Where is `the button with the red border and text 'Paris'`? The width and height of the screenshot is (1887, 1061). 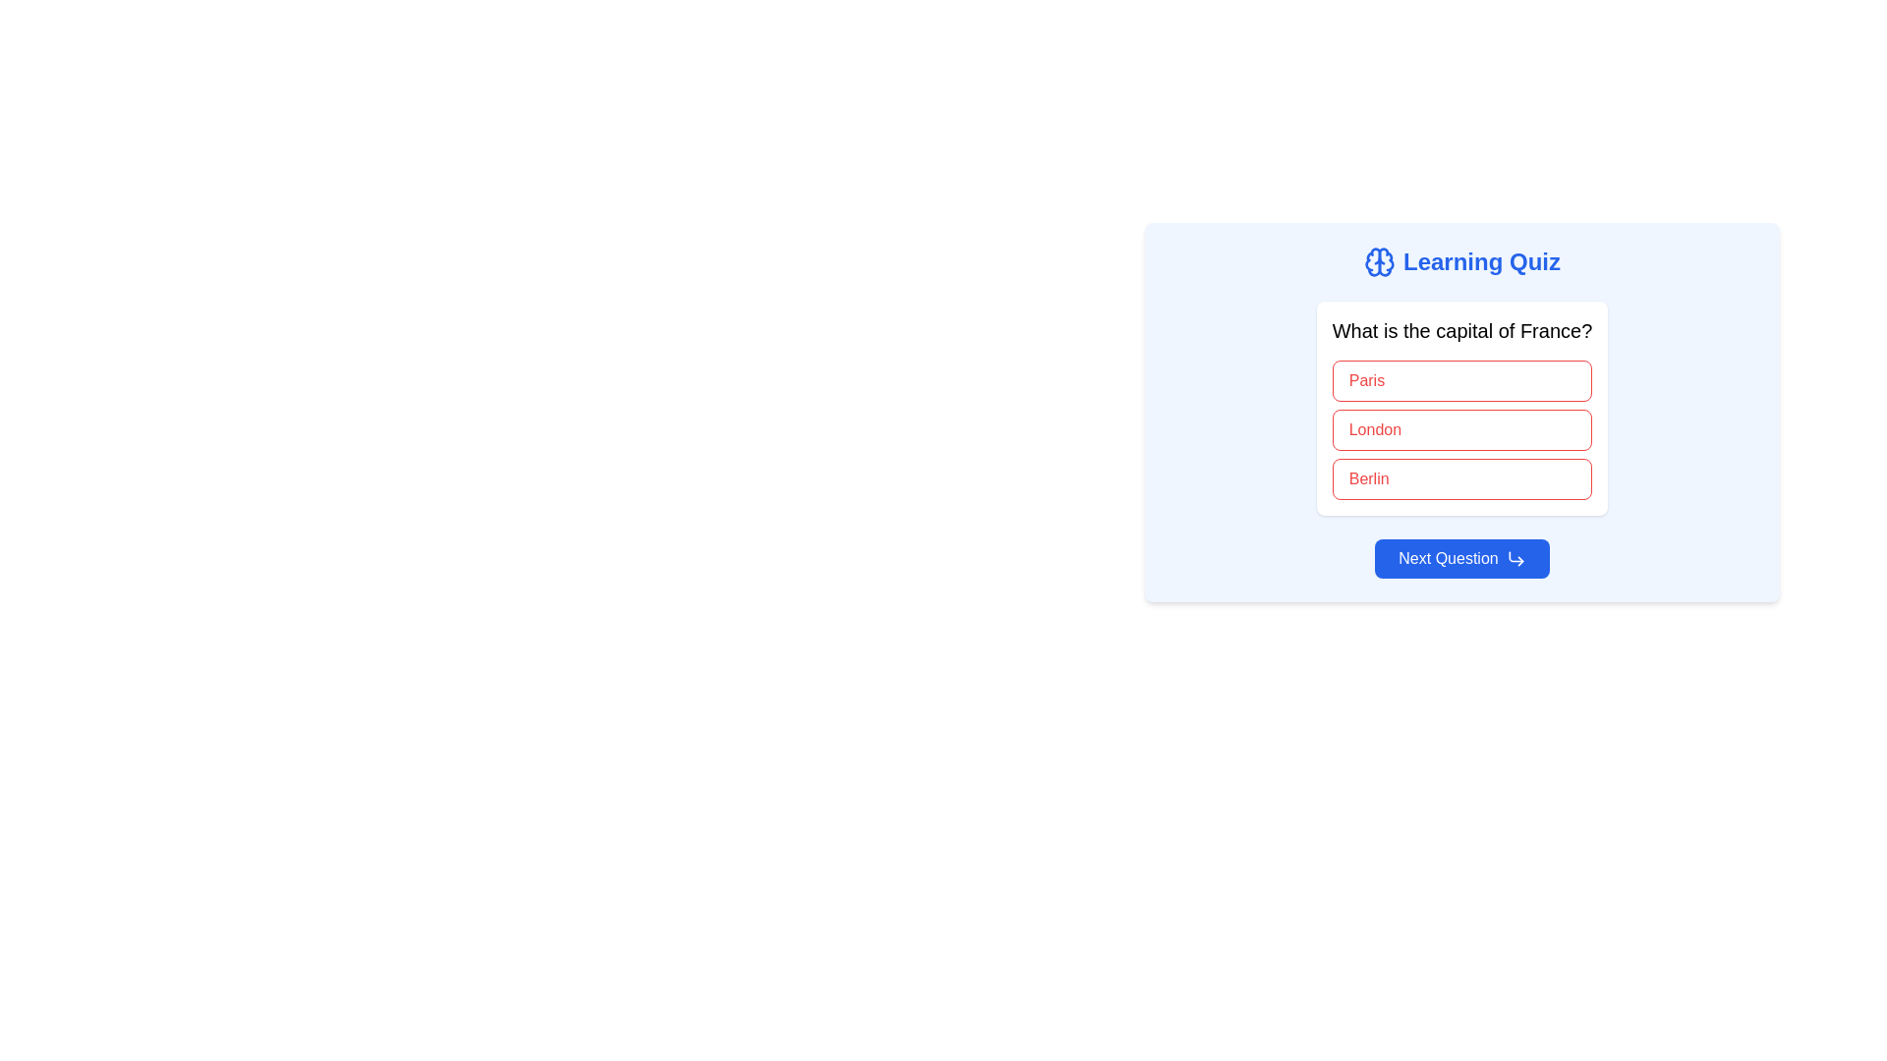 the button with the red border and text 'Paris' is located at coordinates (1462, 381).